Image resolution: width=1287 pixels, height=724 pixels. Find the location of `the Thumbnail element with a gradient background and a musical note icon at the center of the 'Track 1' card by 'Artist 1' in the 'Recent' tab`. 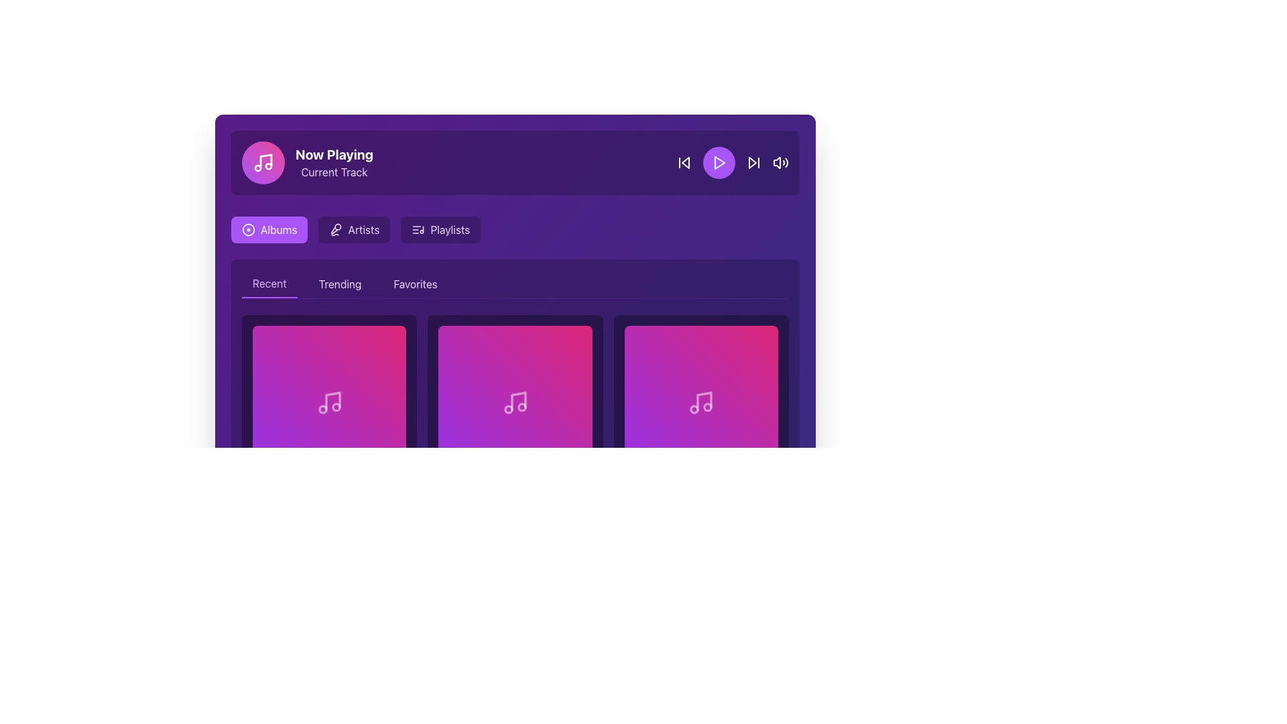

the Thumbnail element with a gradient background and a musical note icon at the center of the 'Track 1' card by 'Artist 1' in the 'Recent' tab is located at coordinates (329, 402).